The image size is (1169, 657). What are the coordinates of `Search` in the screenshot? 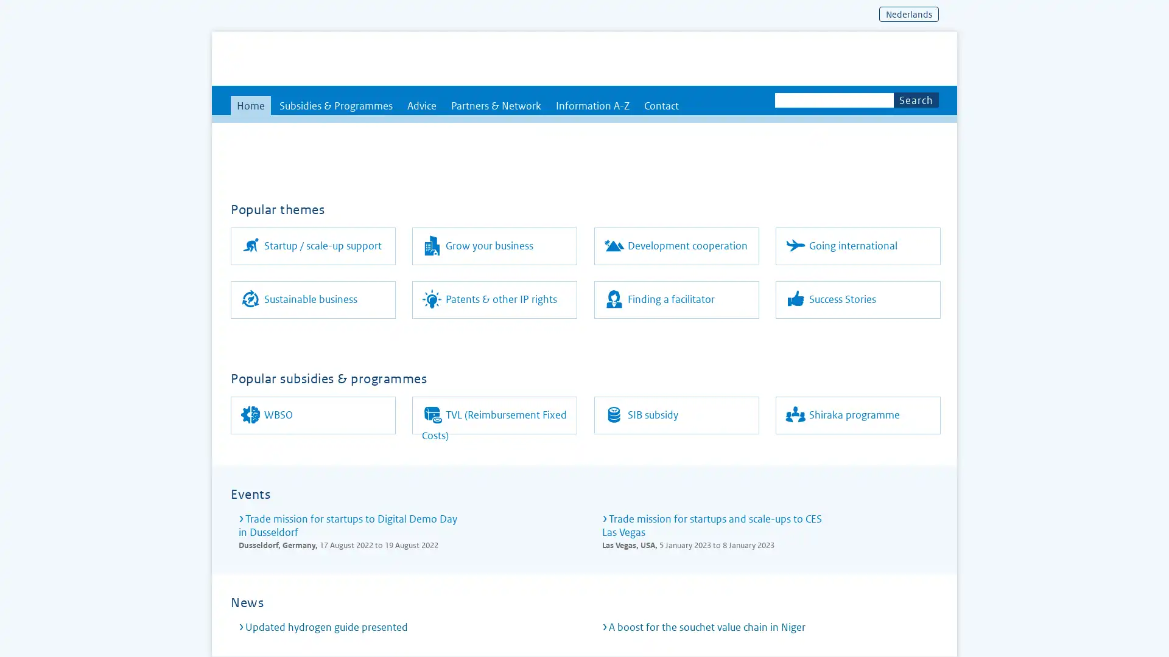 It's located at (916, 99).